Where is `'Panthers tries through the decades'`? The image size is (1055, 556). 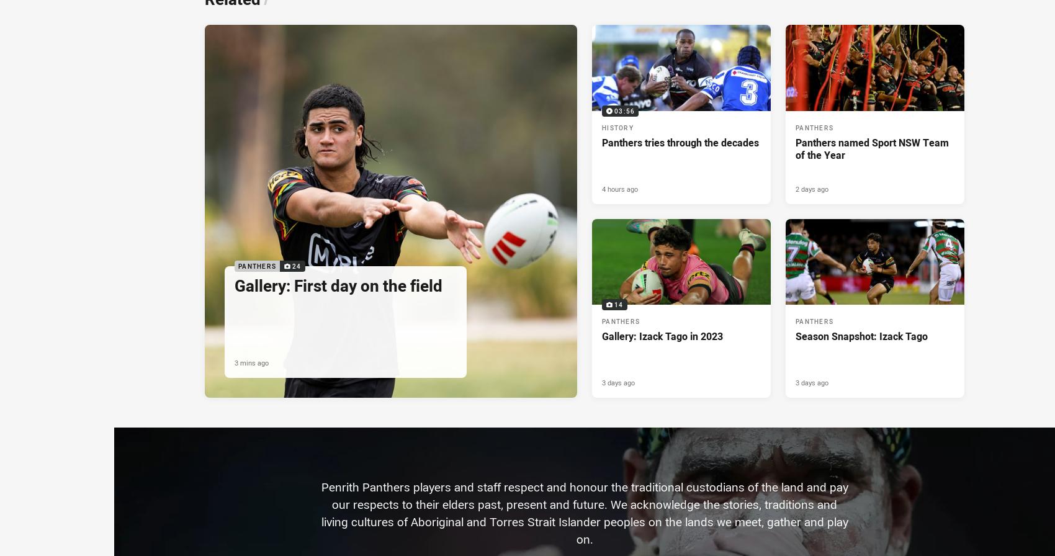
'Panthers tries through the decades' is located at coordinates (680, 142).